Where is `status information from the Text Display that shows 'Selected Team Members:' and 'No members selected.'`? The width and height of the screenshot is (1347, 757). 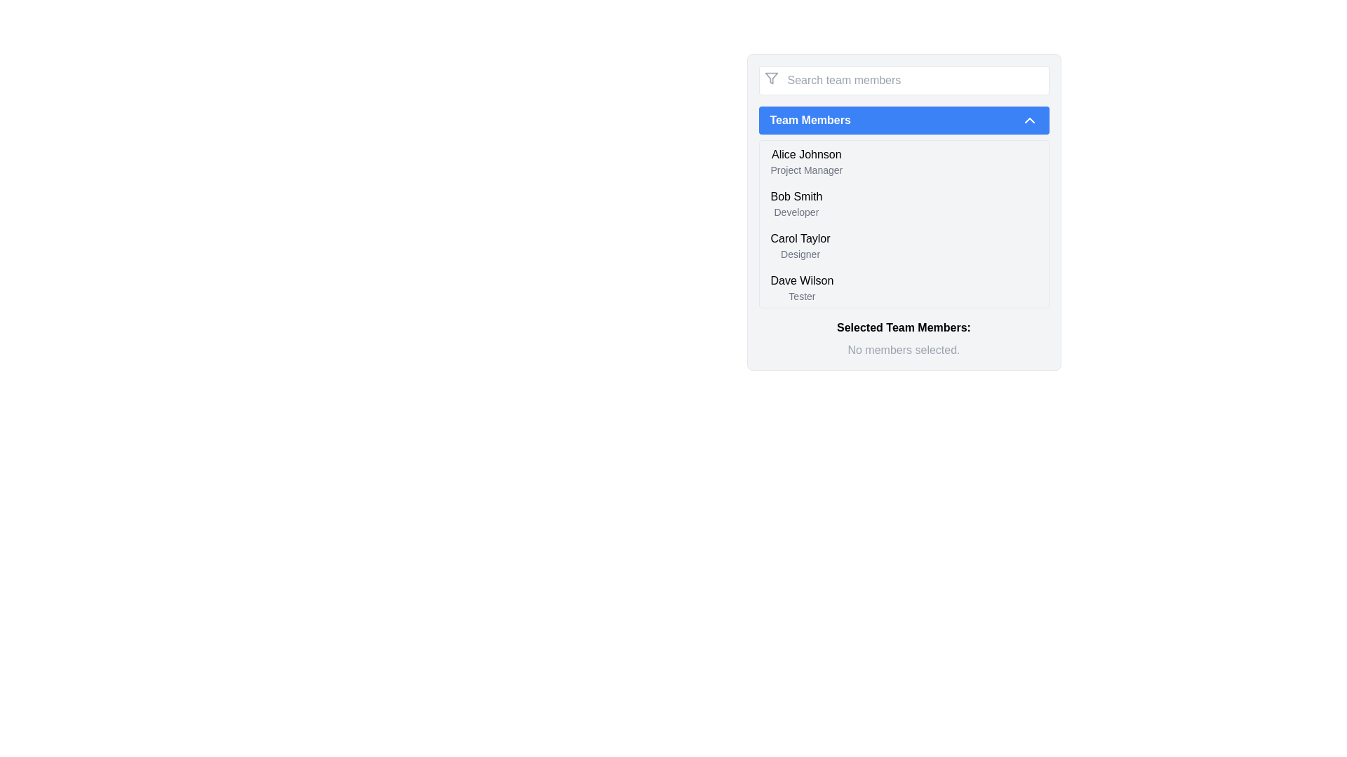
status information from the Text Display that shows 'Selected Team Members:' and 'No members selected.' is located at coordinates (904, 339).